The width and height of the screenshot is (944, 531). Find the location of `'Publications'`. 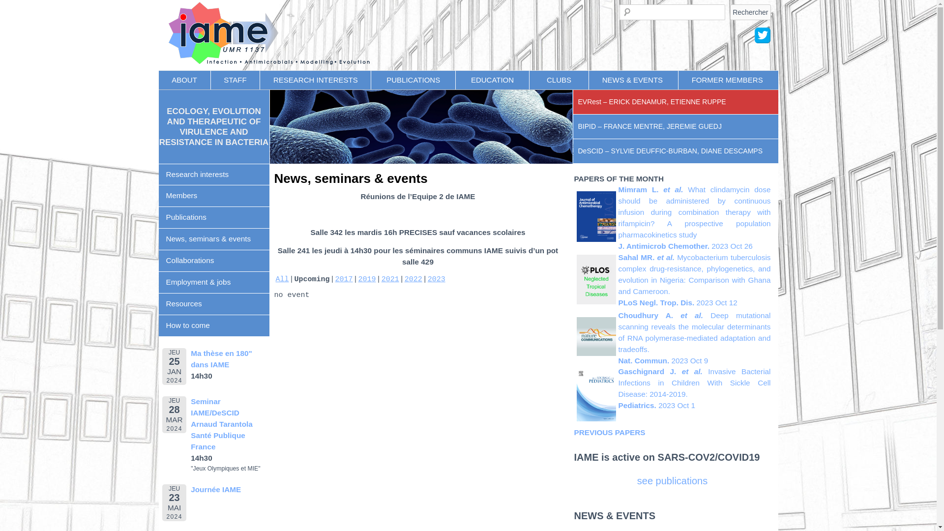

'Publications' is located at coordinates (158, 217).